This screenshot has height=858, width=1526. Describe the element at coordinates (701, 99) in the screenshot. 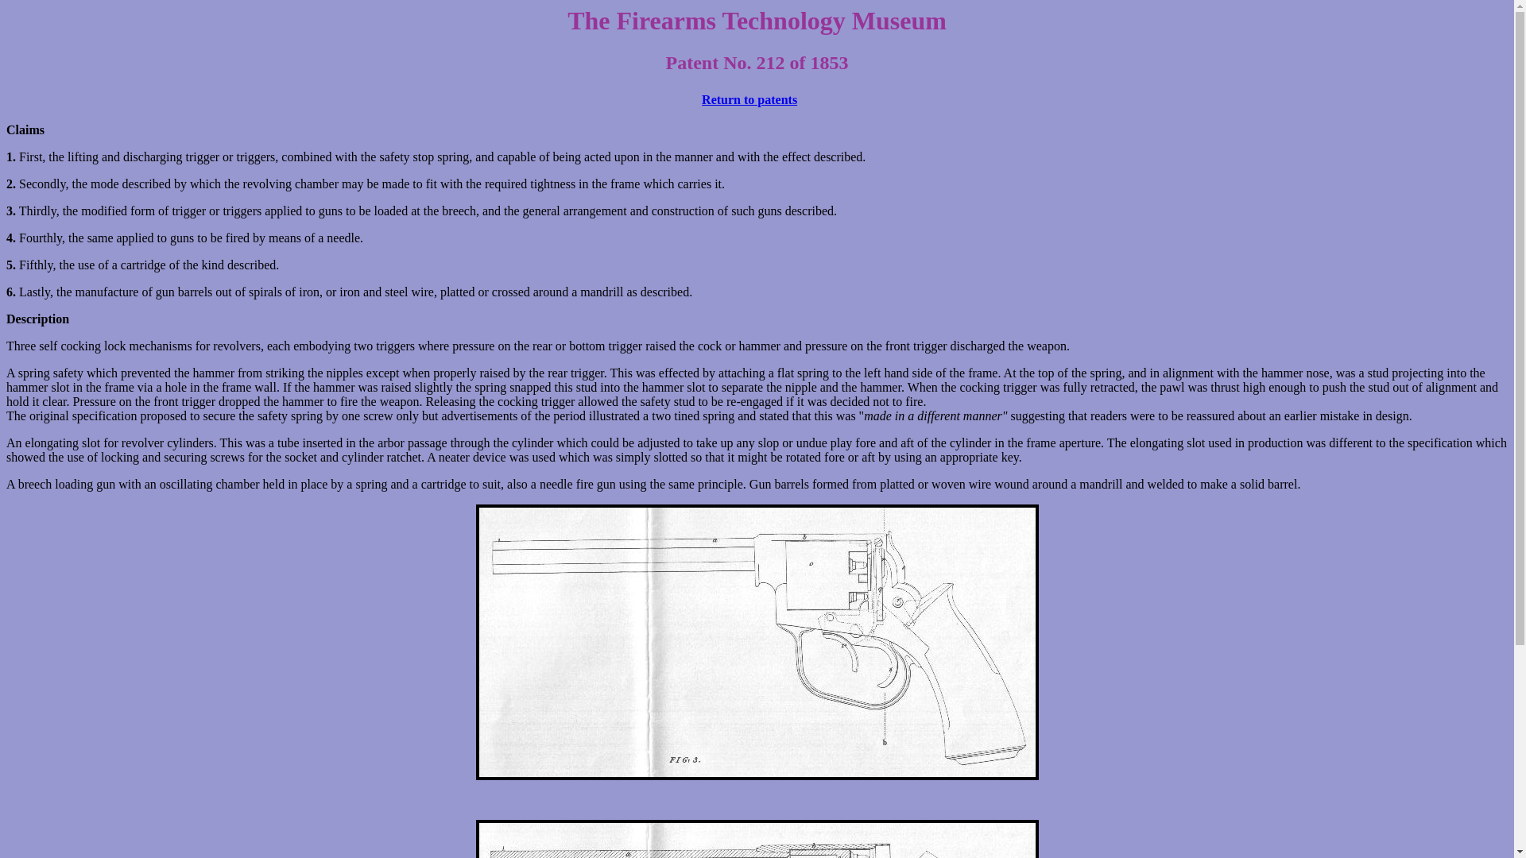

I see `'Return to patents'` at that location.